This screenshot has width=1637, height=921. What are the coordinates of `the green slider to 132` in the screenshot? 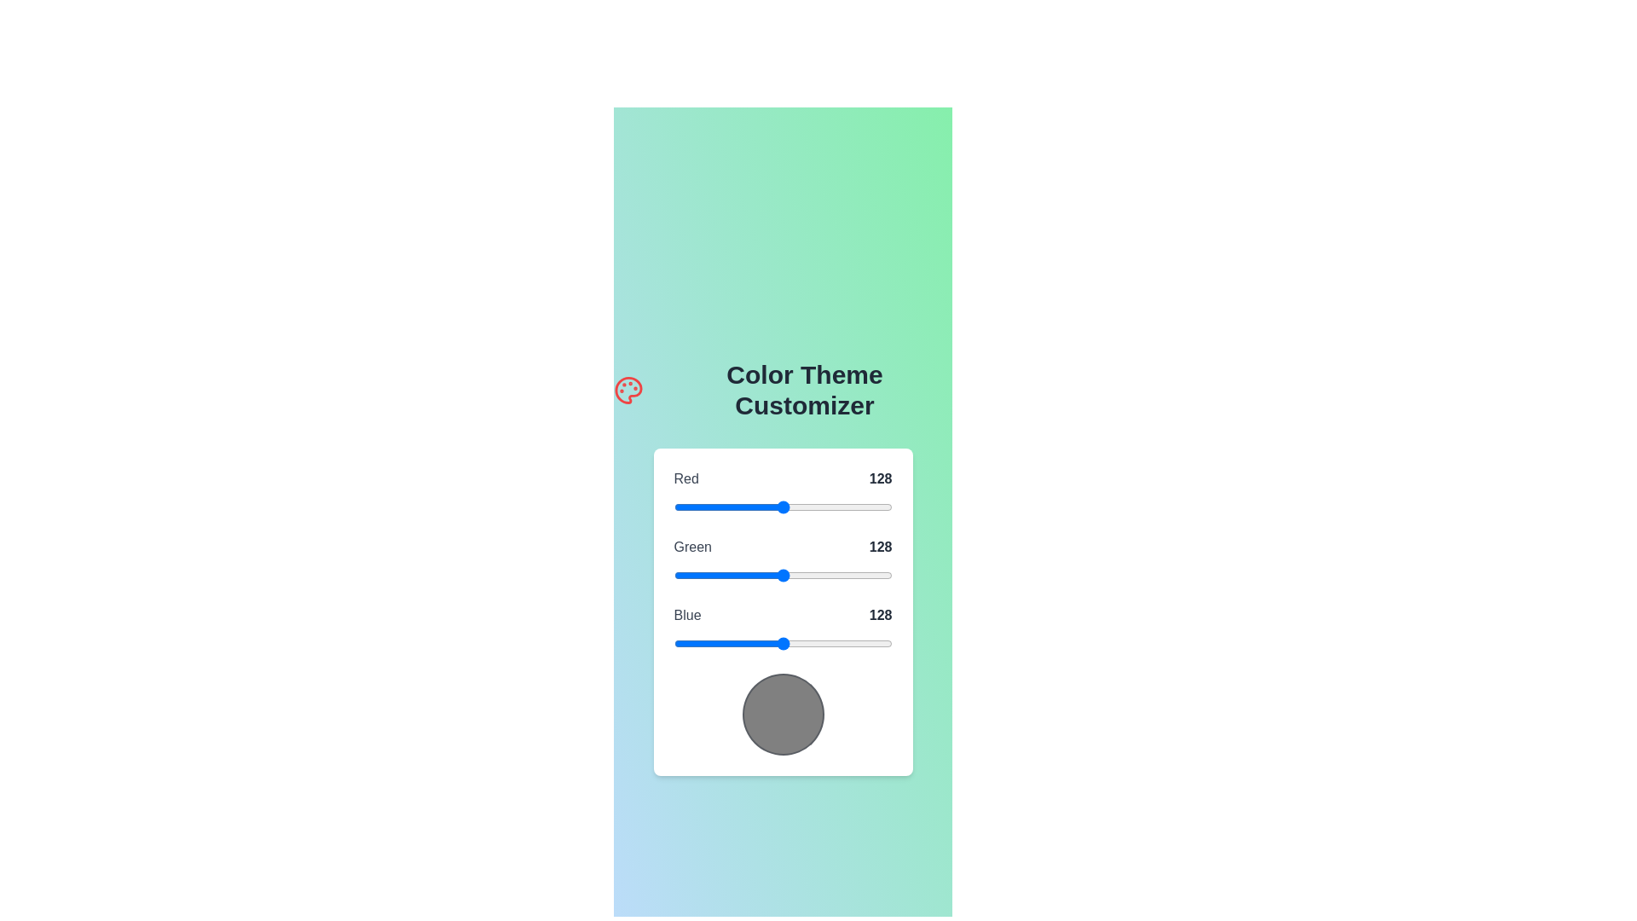 It's located at (785, 576).